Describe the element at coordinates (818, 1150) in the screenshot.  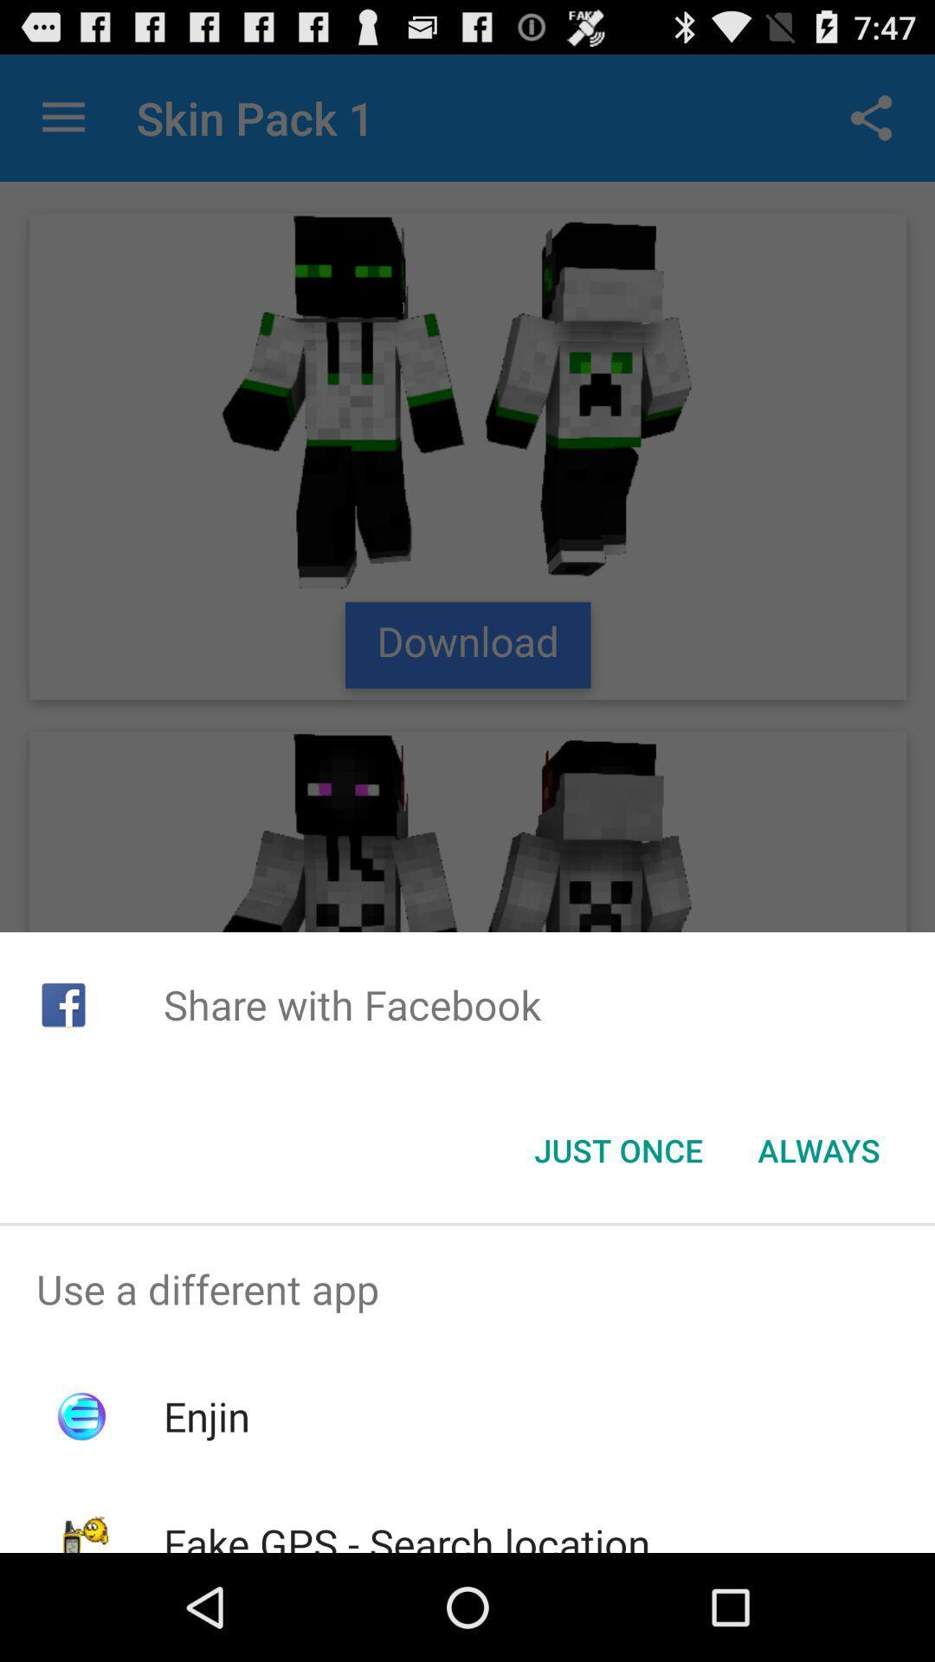
I see `the button at the bottom right corner` at that location.